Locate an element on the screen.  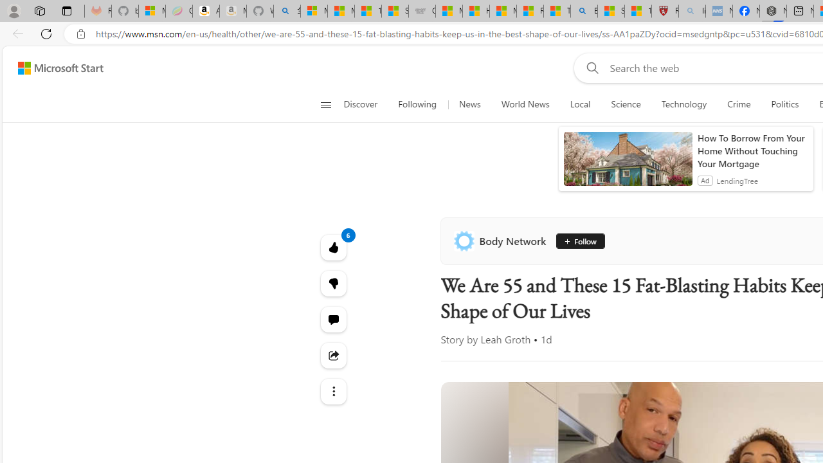
'6 Like' is located at coordinates (333, 247).